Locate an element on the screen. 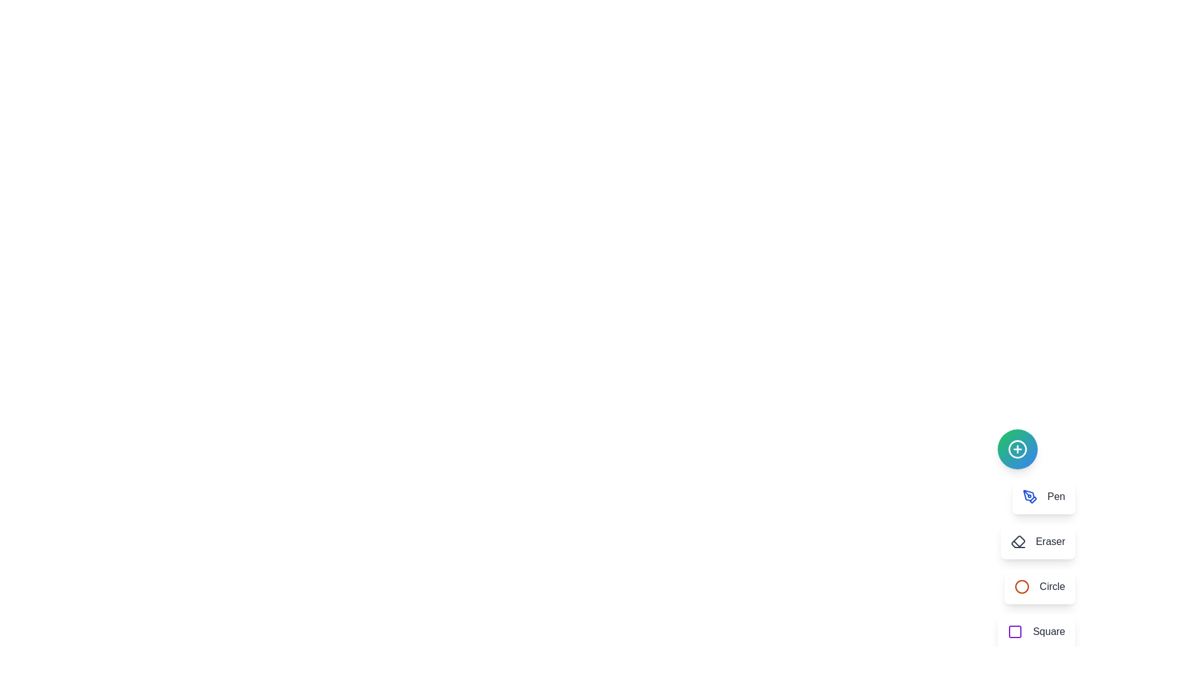 This screenshot has width=1201, height=675. the tool menu item labeled Pen to see its animation is located at coordinates (1043, 496).